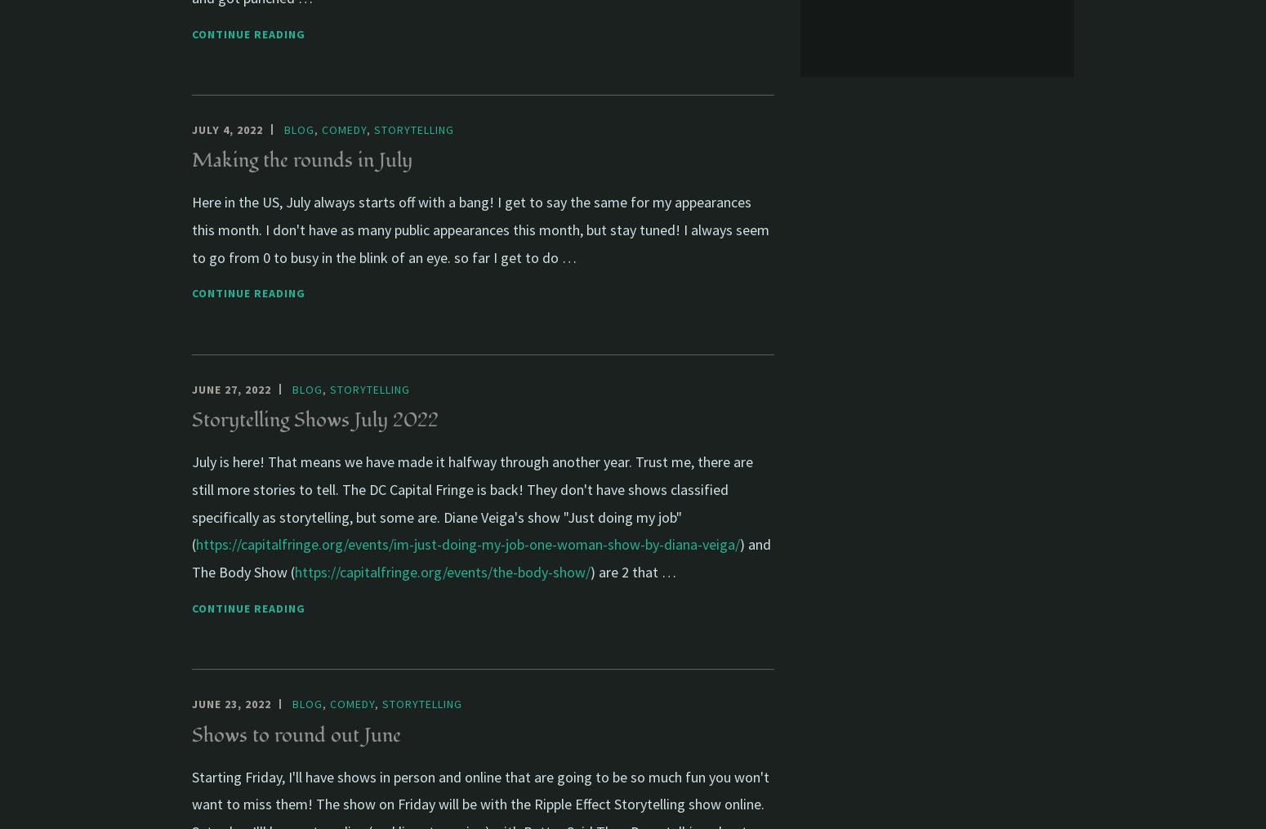 Image resolution: width=1266 pixels, height=829 pixels. What do you see at coordinates (472, 502) in the screenshot?
I see `'July is here! That means we have made it halfway through another year. Trust me, there are still more stories to tell. The DC Capital Fringe is back! They don't have shows classified specifically as storytelling, but some are. Diane Veiga's show "Just doing my job" ('` at bounding box center [472, 502].